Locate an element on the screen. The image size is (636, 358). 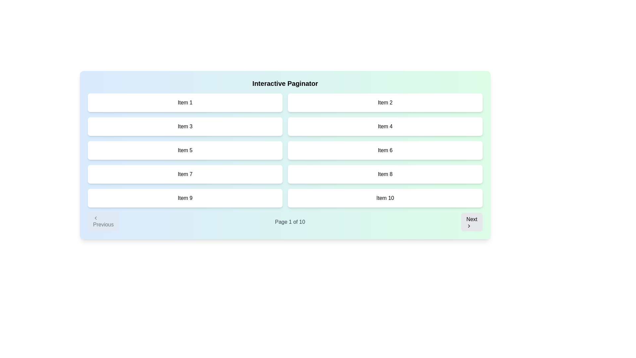
the Static Card displaying 'Item 1', which is a rectangular card with rounded corners and a white background located at the top-left of the grid layout is located at coordinates (185, 102).